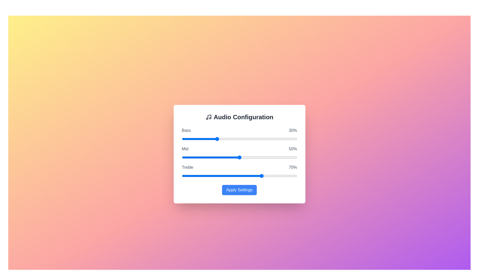 This screenshot has width=494, height=277. Describe the element at coordinates (245, 157) in the screenshot. I see `the 1 slider to 11%` at that location.